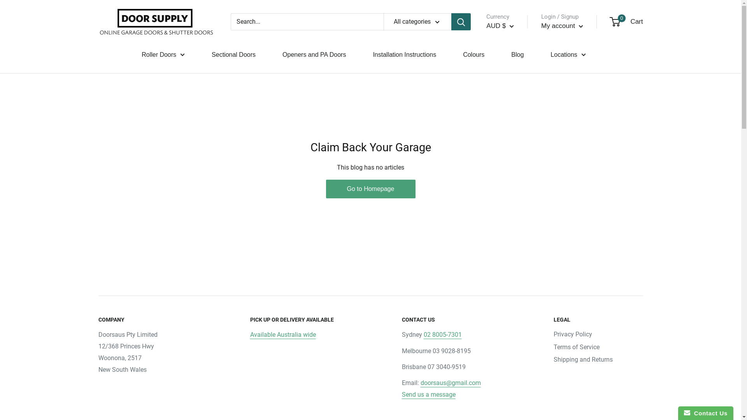 This screenshot has width=747, height=420. Describe the element at coordinates (457, 54) in the screenshot. I see `'Colours'` at that location.